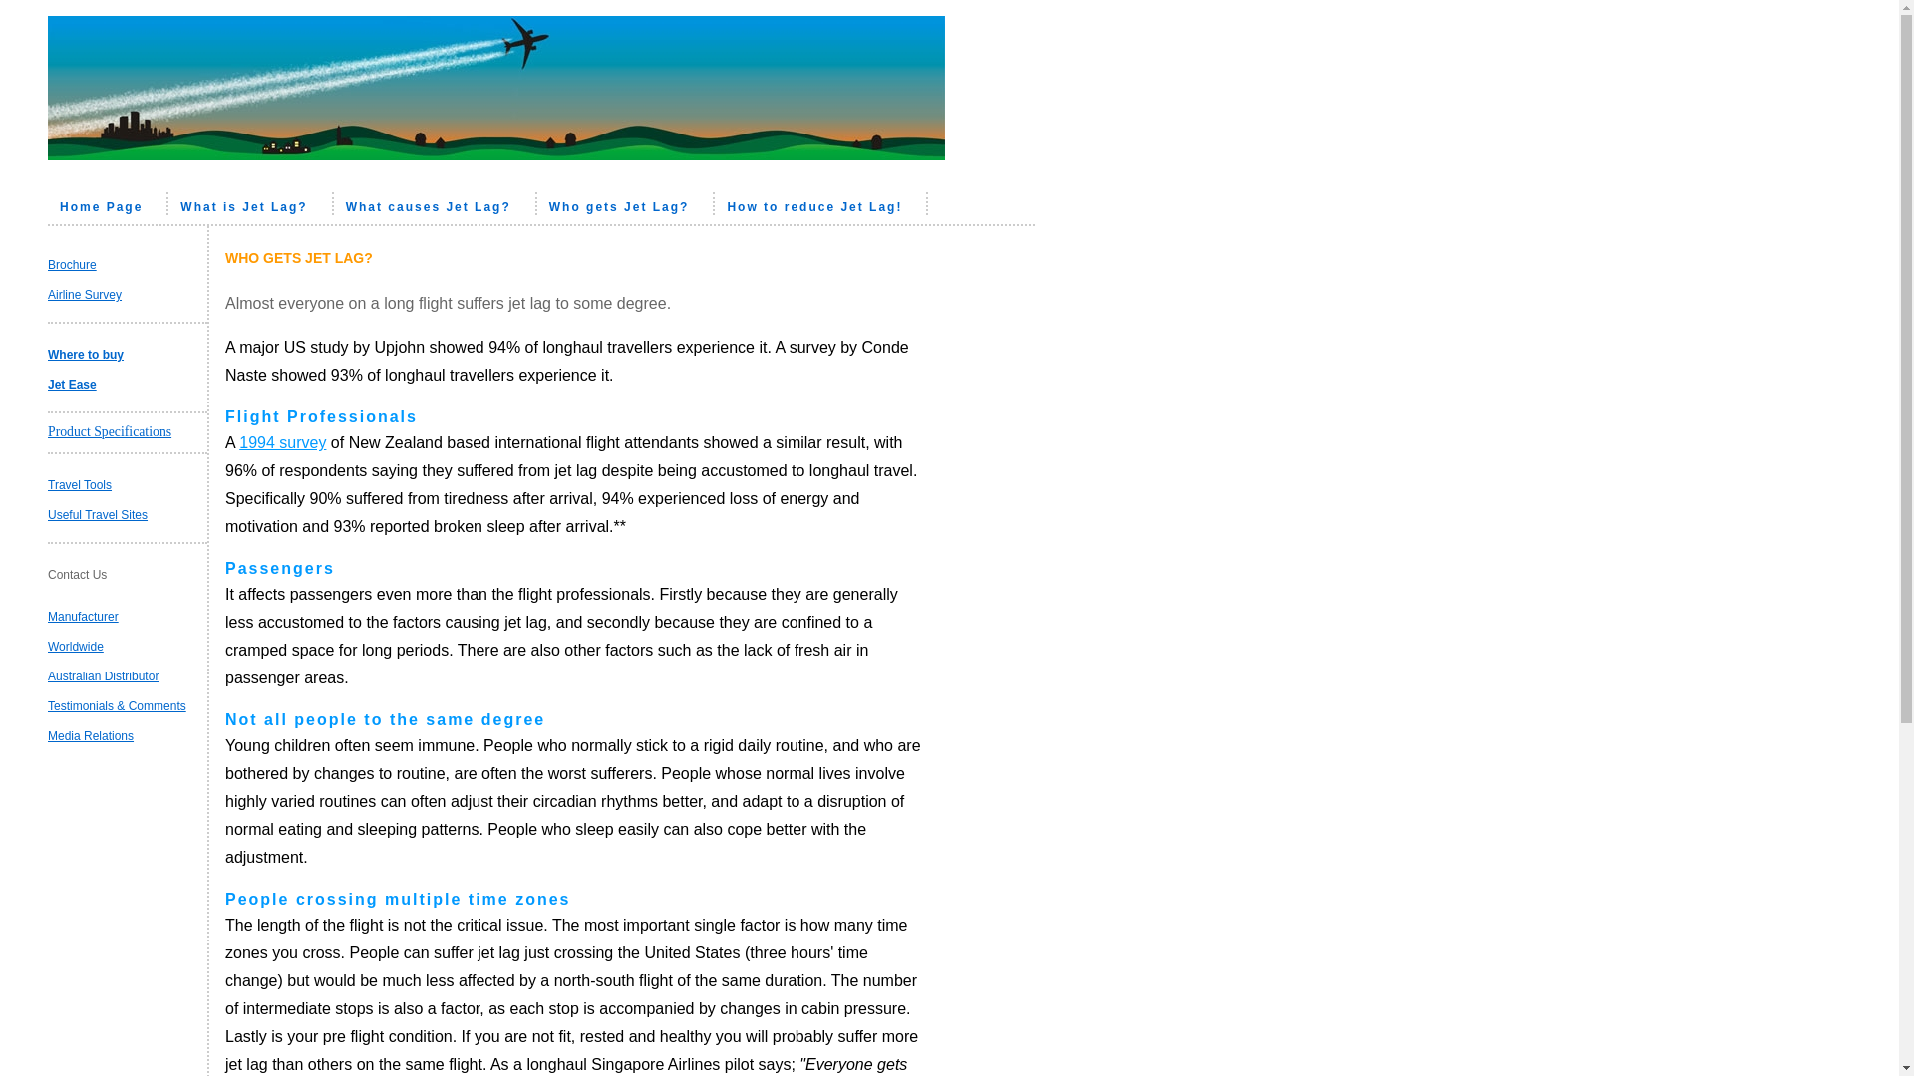 The image size is (1914, 1076). What do you see at coordinates (109, 430) in the screenshot?
I see `'Product Specifications'` at bounding box center [109, 430].